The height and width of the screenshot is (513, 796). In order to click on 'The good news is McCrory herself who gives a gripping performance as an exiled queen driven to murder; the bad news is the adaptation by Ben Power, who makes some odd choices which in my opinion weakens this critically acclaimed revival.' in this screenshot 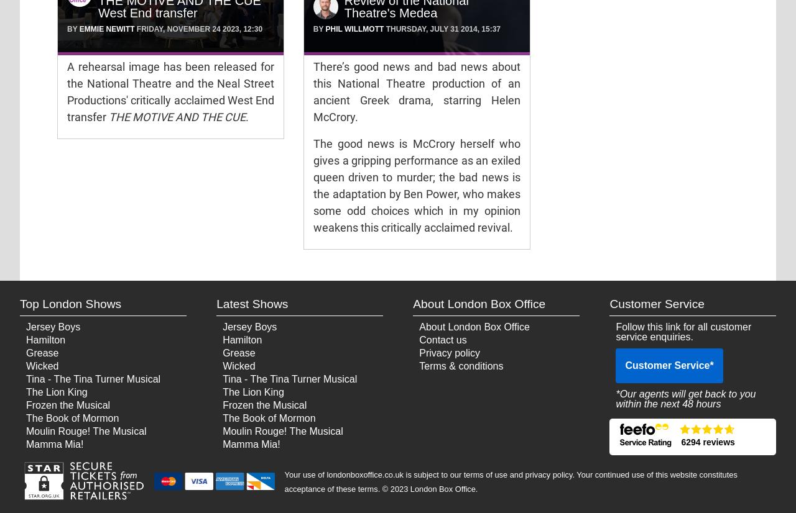, I will do `click(416, 186)`.